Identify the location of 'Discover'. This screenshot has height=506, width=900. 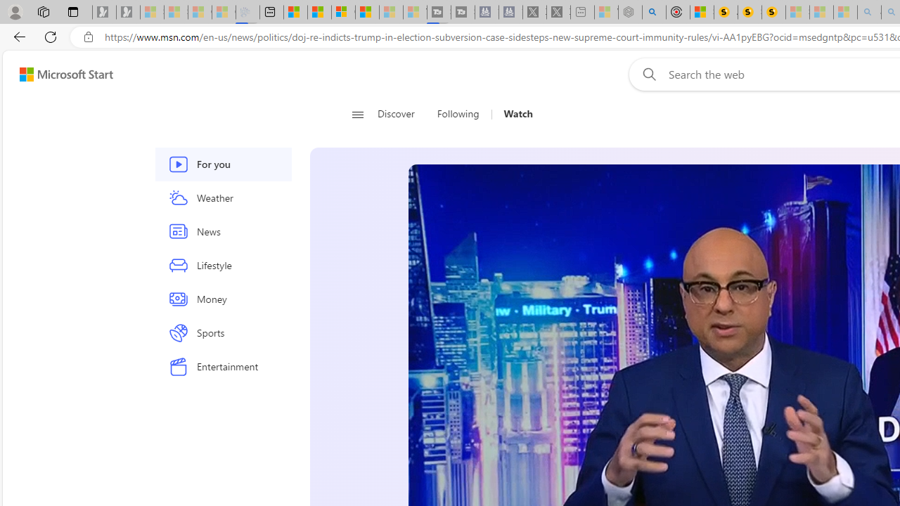
(395, 114).